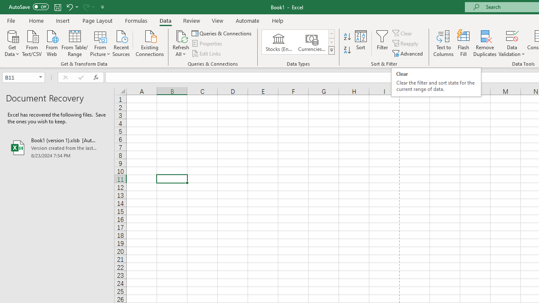 The width and height of the screenshot is (539, 303). Describe the element at coordinates (51, 43) in the screenshot. I see `'From Web'` at that location.